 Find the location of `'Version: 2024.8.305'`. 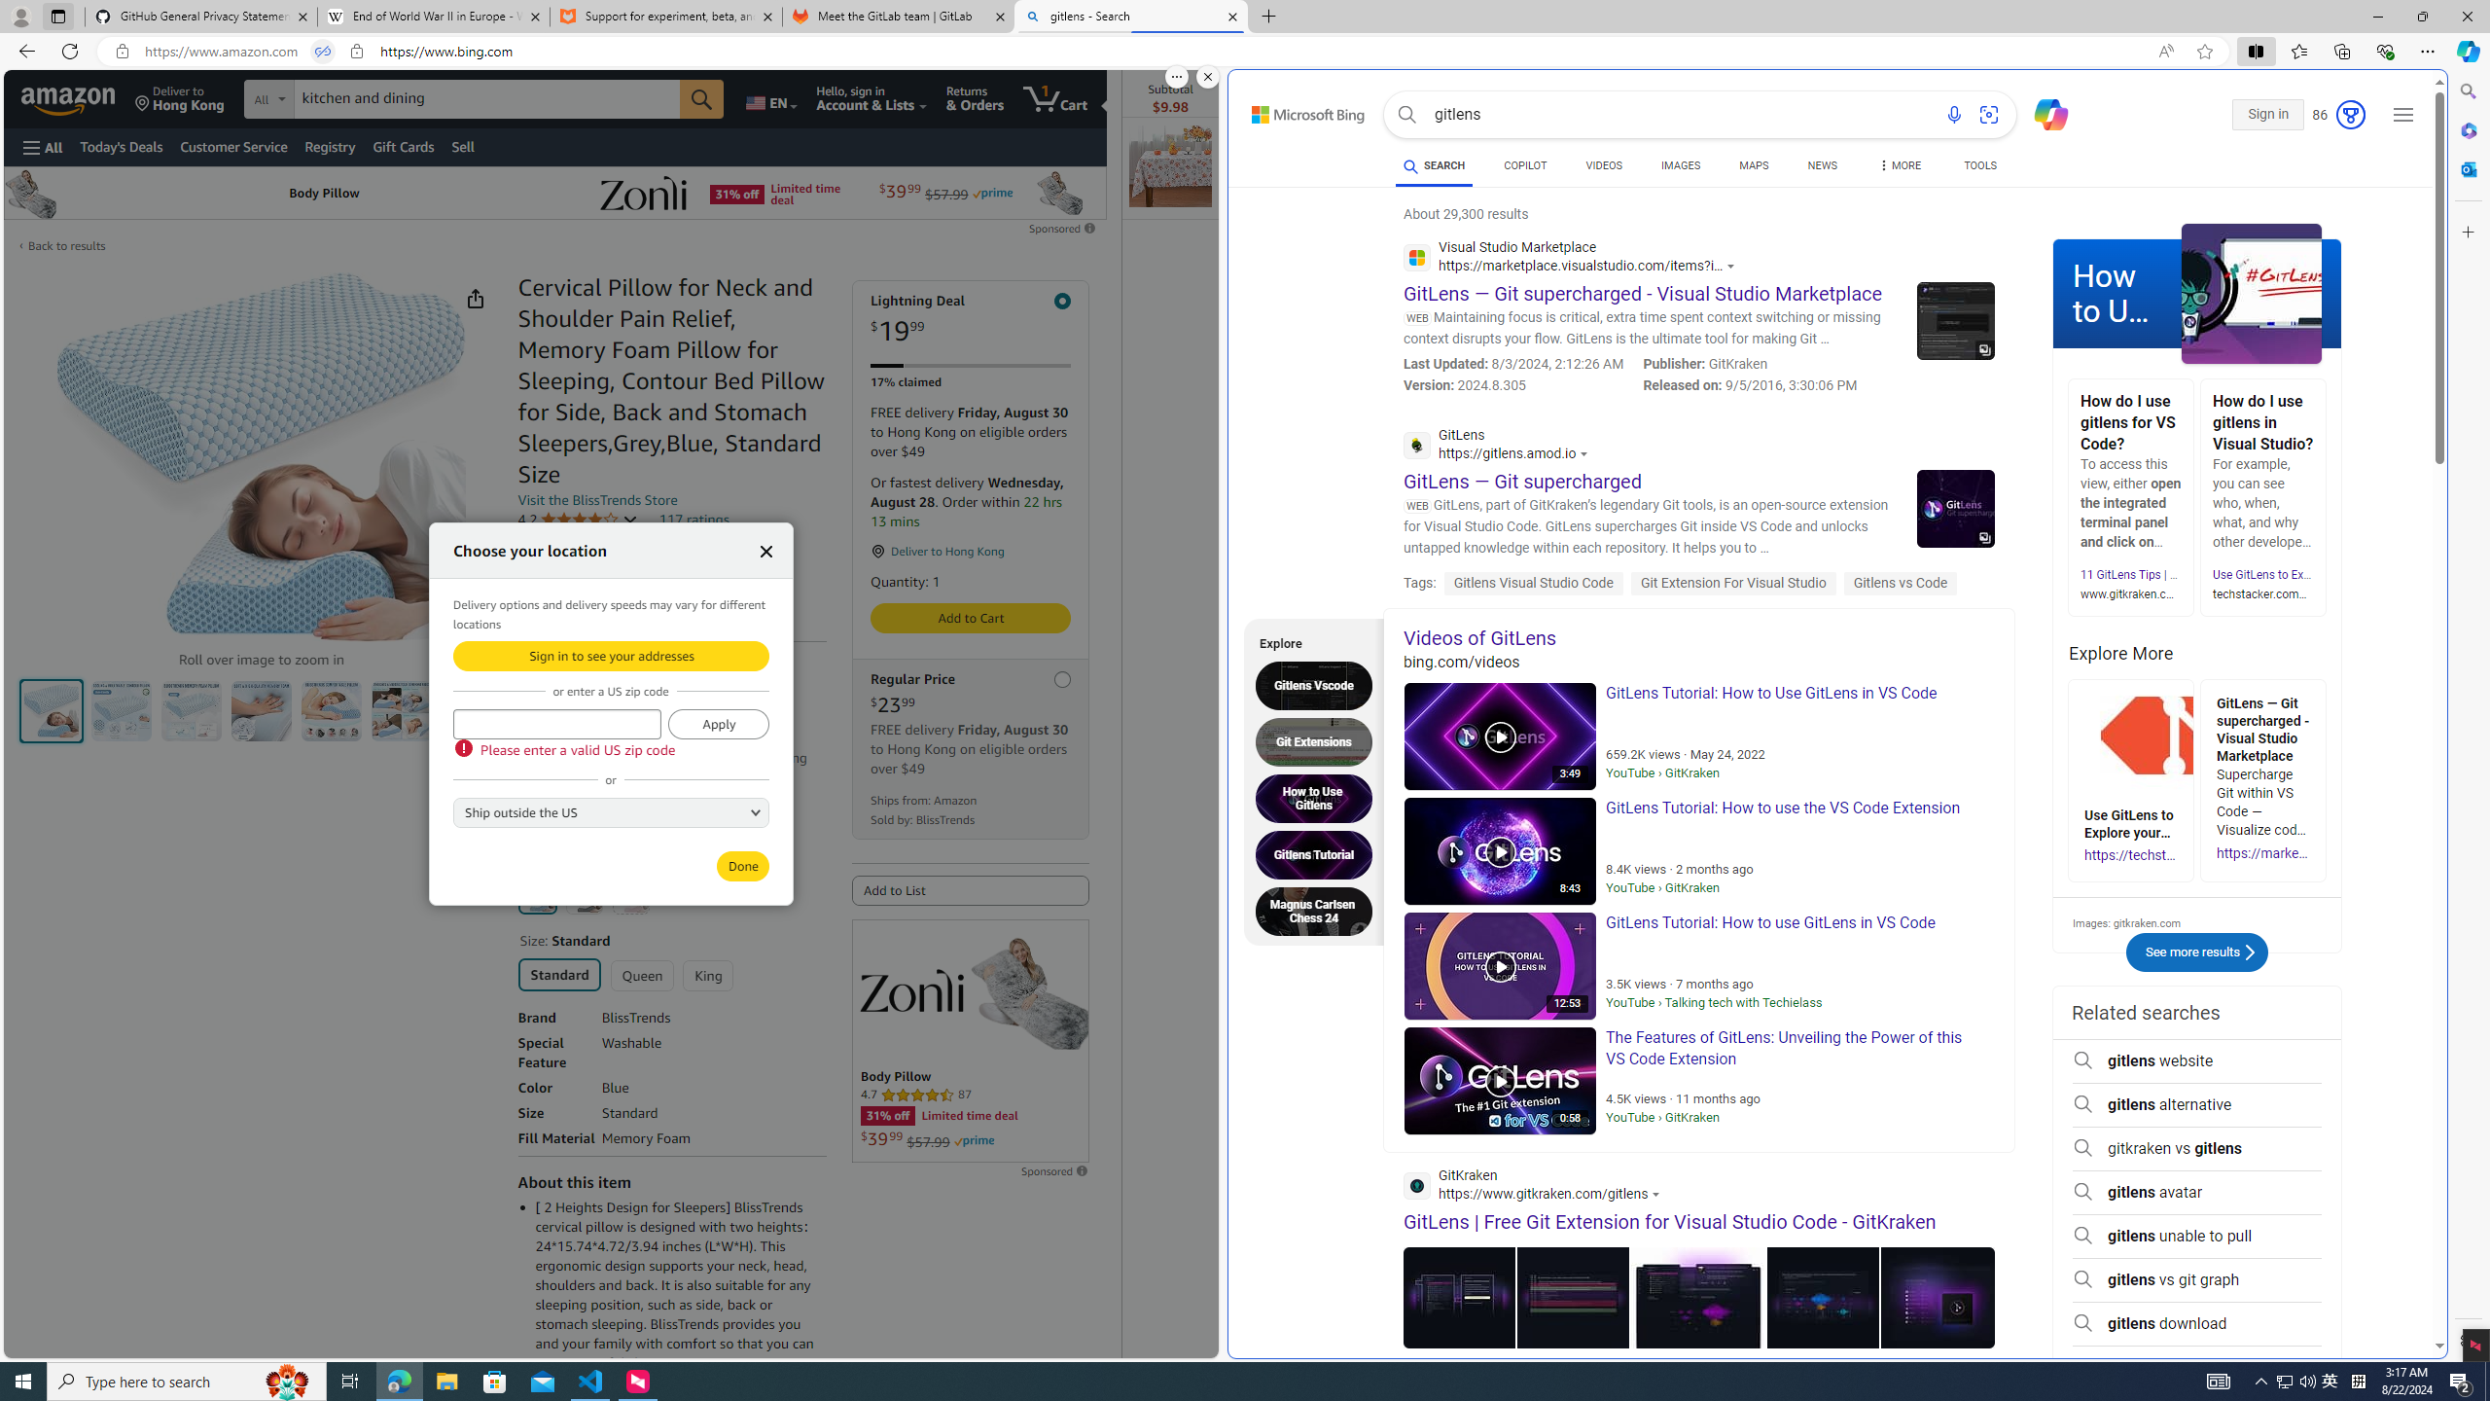

'Version: 2024.8.305' is located at coordinates (1513, 384).